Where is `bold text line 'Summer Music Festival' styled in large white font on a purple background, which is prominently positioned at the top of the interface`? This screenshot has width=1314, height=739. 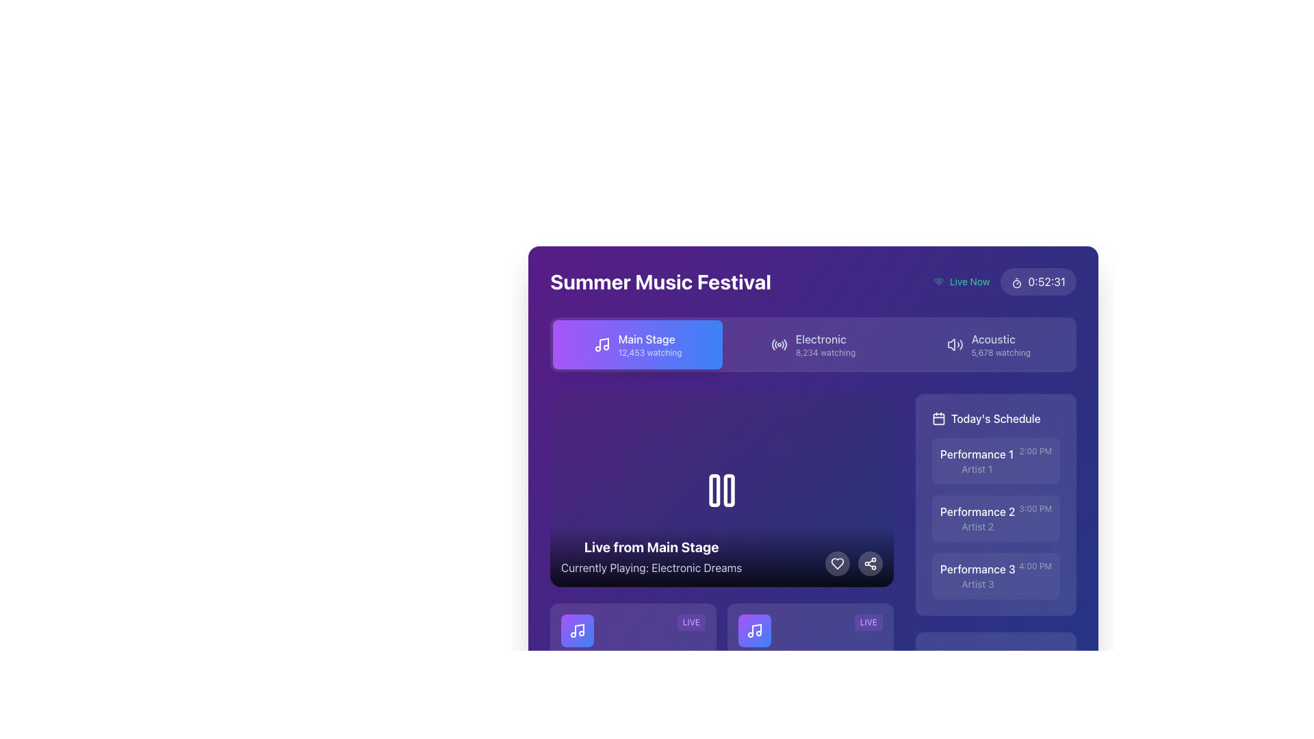 bold text line 'Summer Music Festival' styled in large white font on a purple background, which is prominently positioned at the top of the interface is located at coordinates (660, 281).